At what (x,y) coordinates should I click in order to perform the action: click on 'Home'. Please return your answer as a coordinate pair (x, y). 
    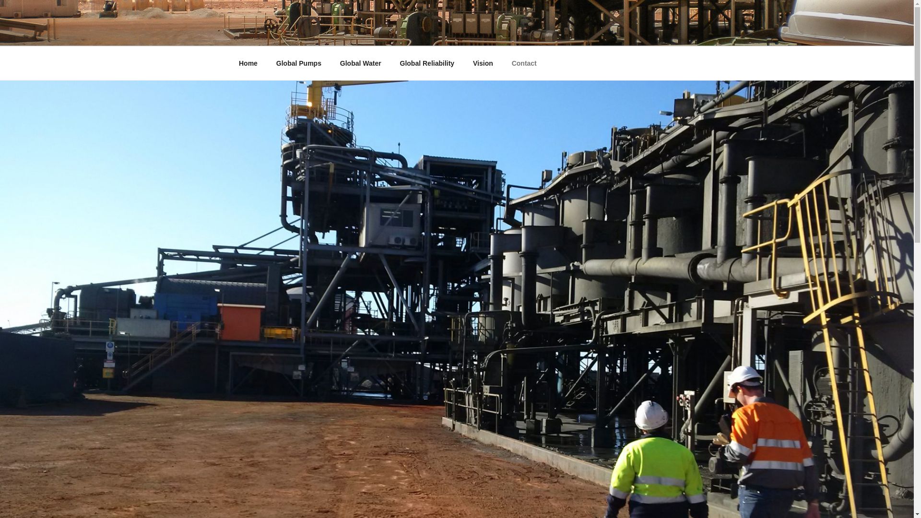
    Looking at the image, I should click on (230, 63).